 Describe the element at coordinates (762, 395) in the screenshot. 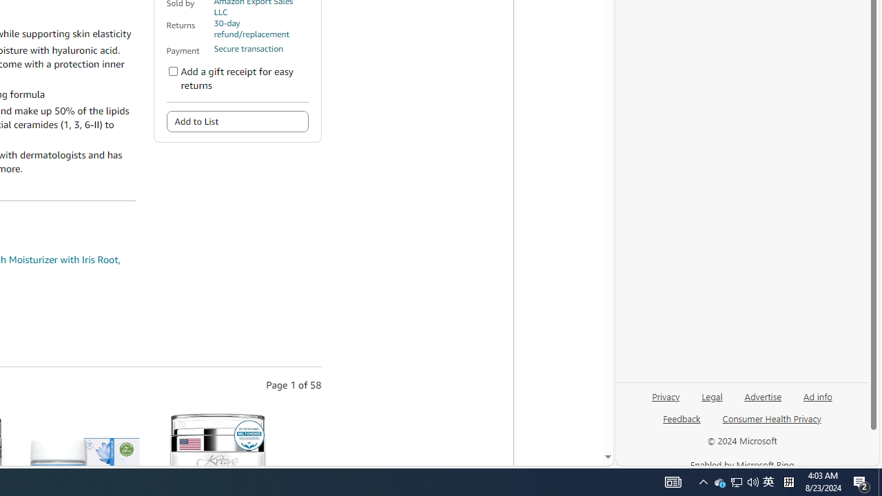

I see `'Advertise'` at that location.